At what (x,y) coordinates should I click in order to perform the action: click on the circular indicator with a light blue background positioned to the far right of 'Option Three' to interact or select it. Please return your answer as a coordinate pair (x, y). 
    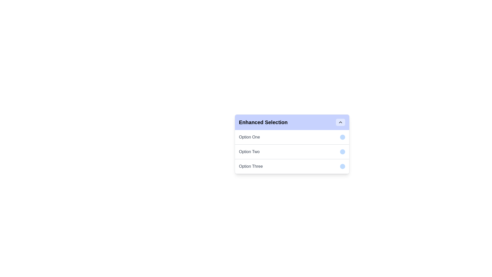
    Looking at the image, I should click on (342, 166).